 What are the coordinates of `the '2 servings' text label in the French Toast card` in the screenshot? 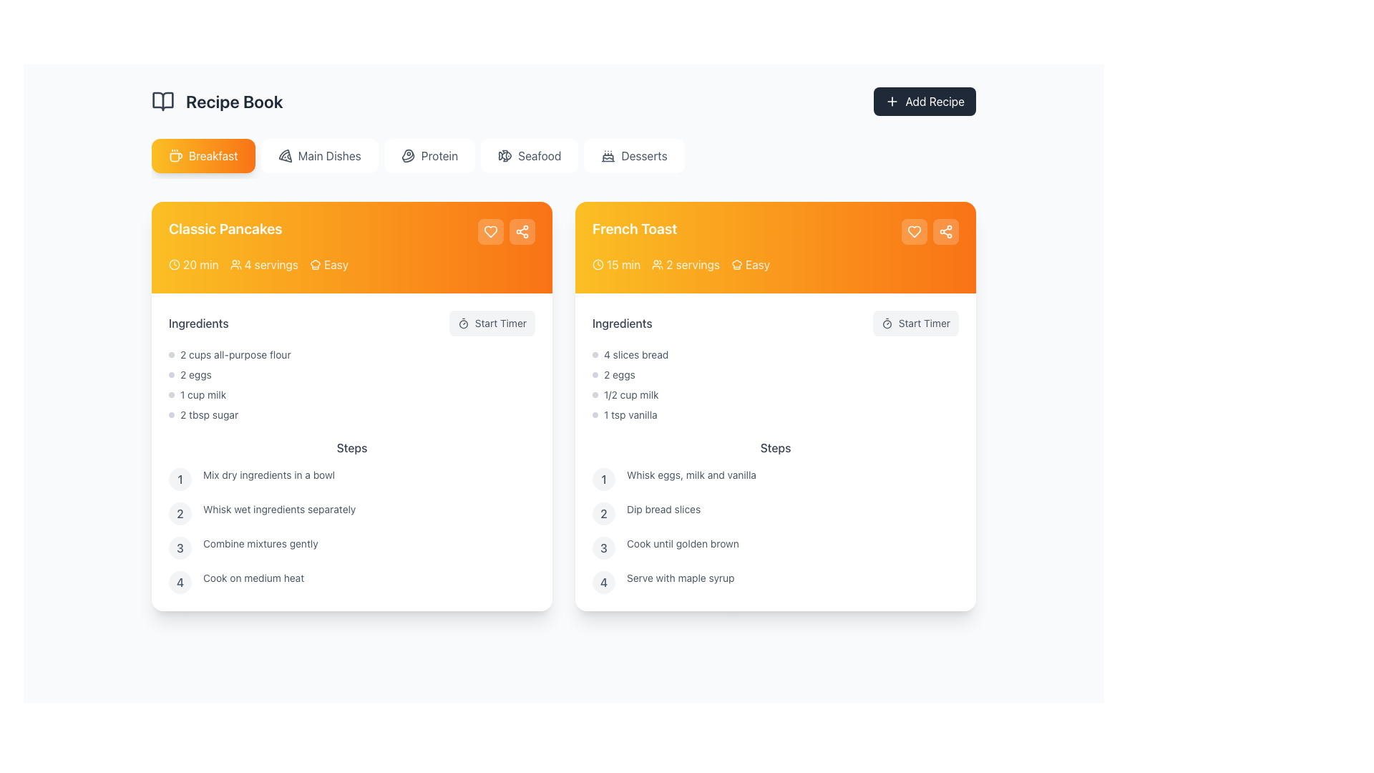 It's located at (693, 265).